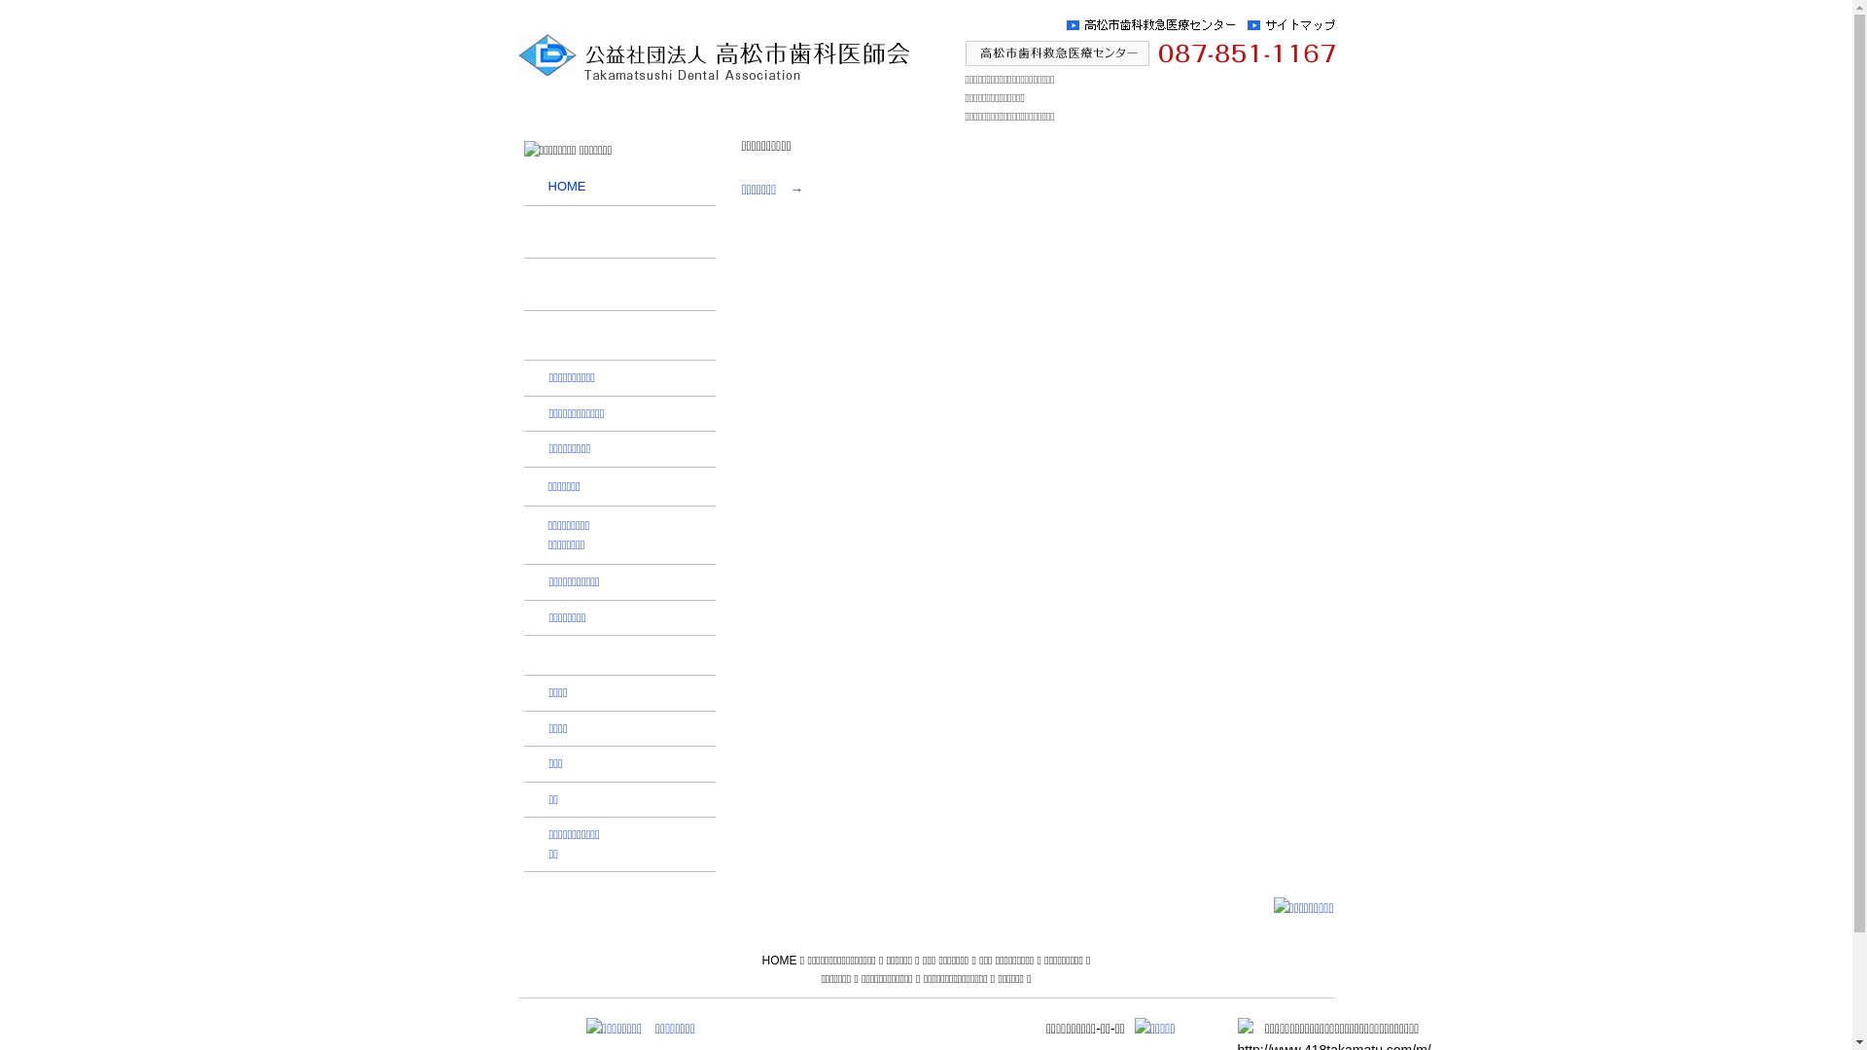 The height and width of the screenshot is (1050, 1867). I want to click on 'HOME', so click(759, 959).